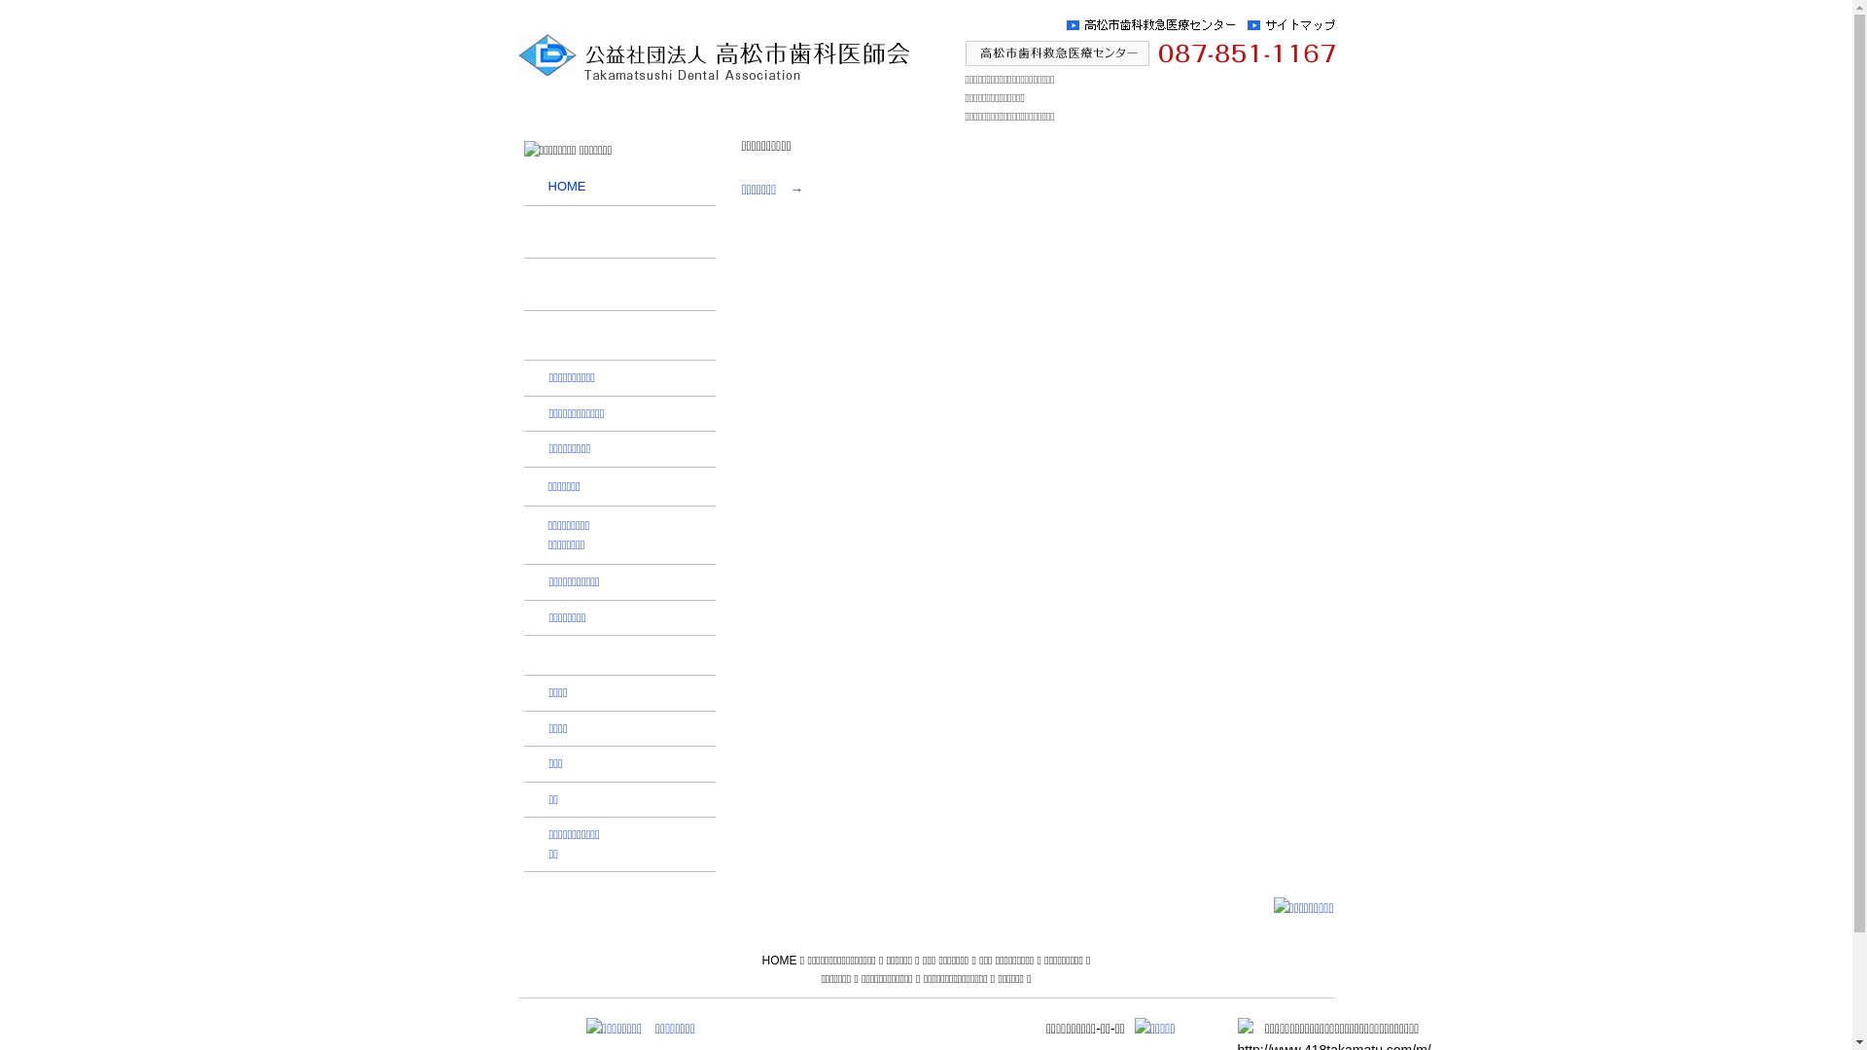 The height and width of the screenshot is (1050, 1867). I want to click on 'HOME', so click(759, 959).